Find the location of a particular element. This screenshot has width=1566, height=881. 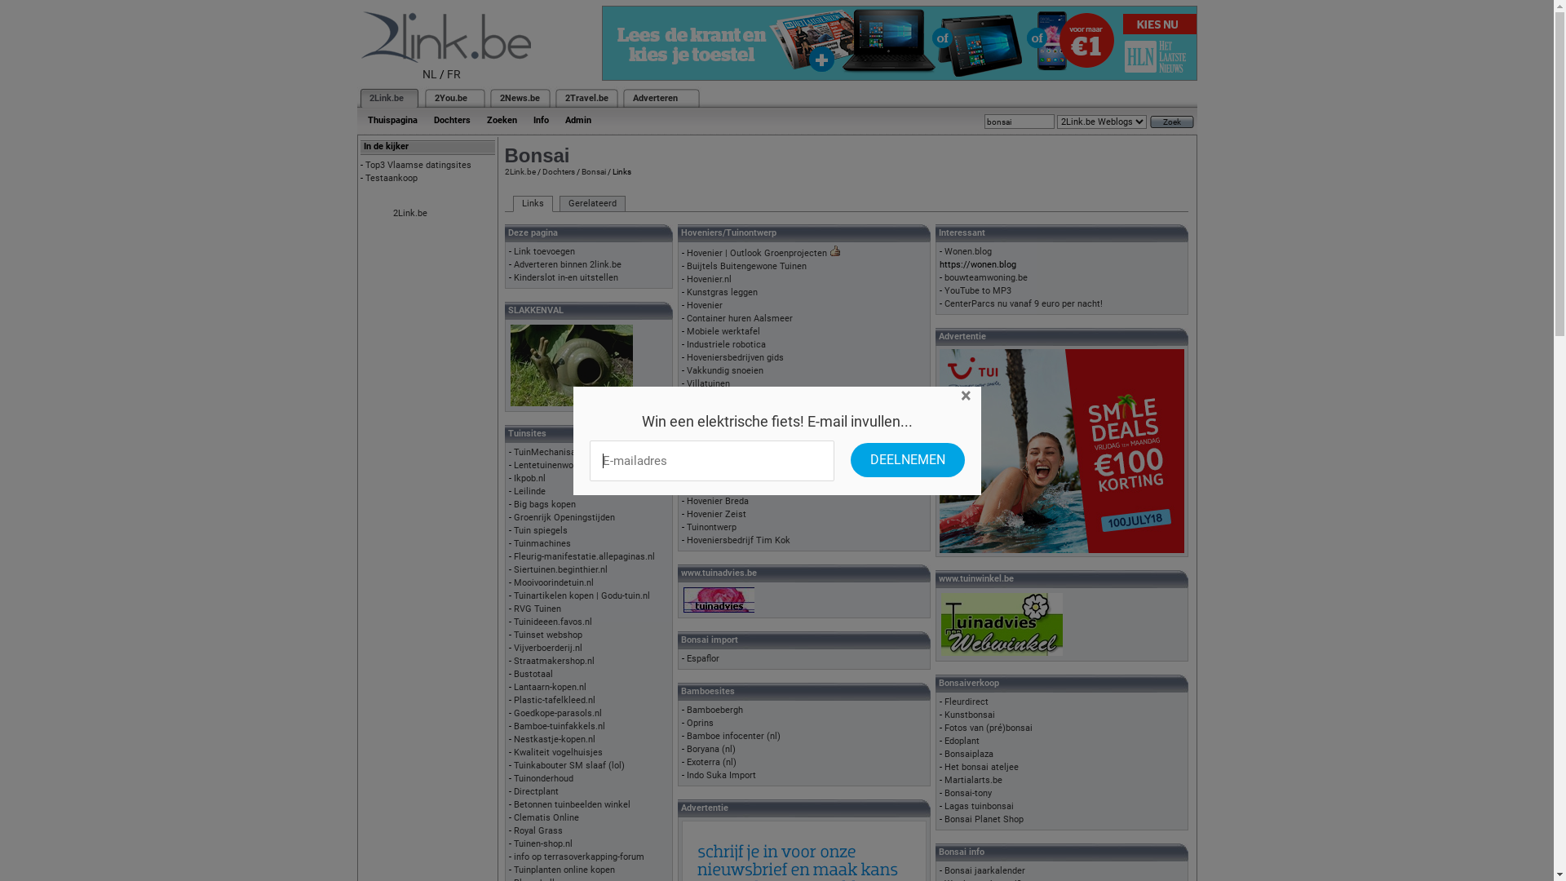

'Tuinartikelen kopen | Godu-tuin.nl' is located at coordinates (582, 595).